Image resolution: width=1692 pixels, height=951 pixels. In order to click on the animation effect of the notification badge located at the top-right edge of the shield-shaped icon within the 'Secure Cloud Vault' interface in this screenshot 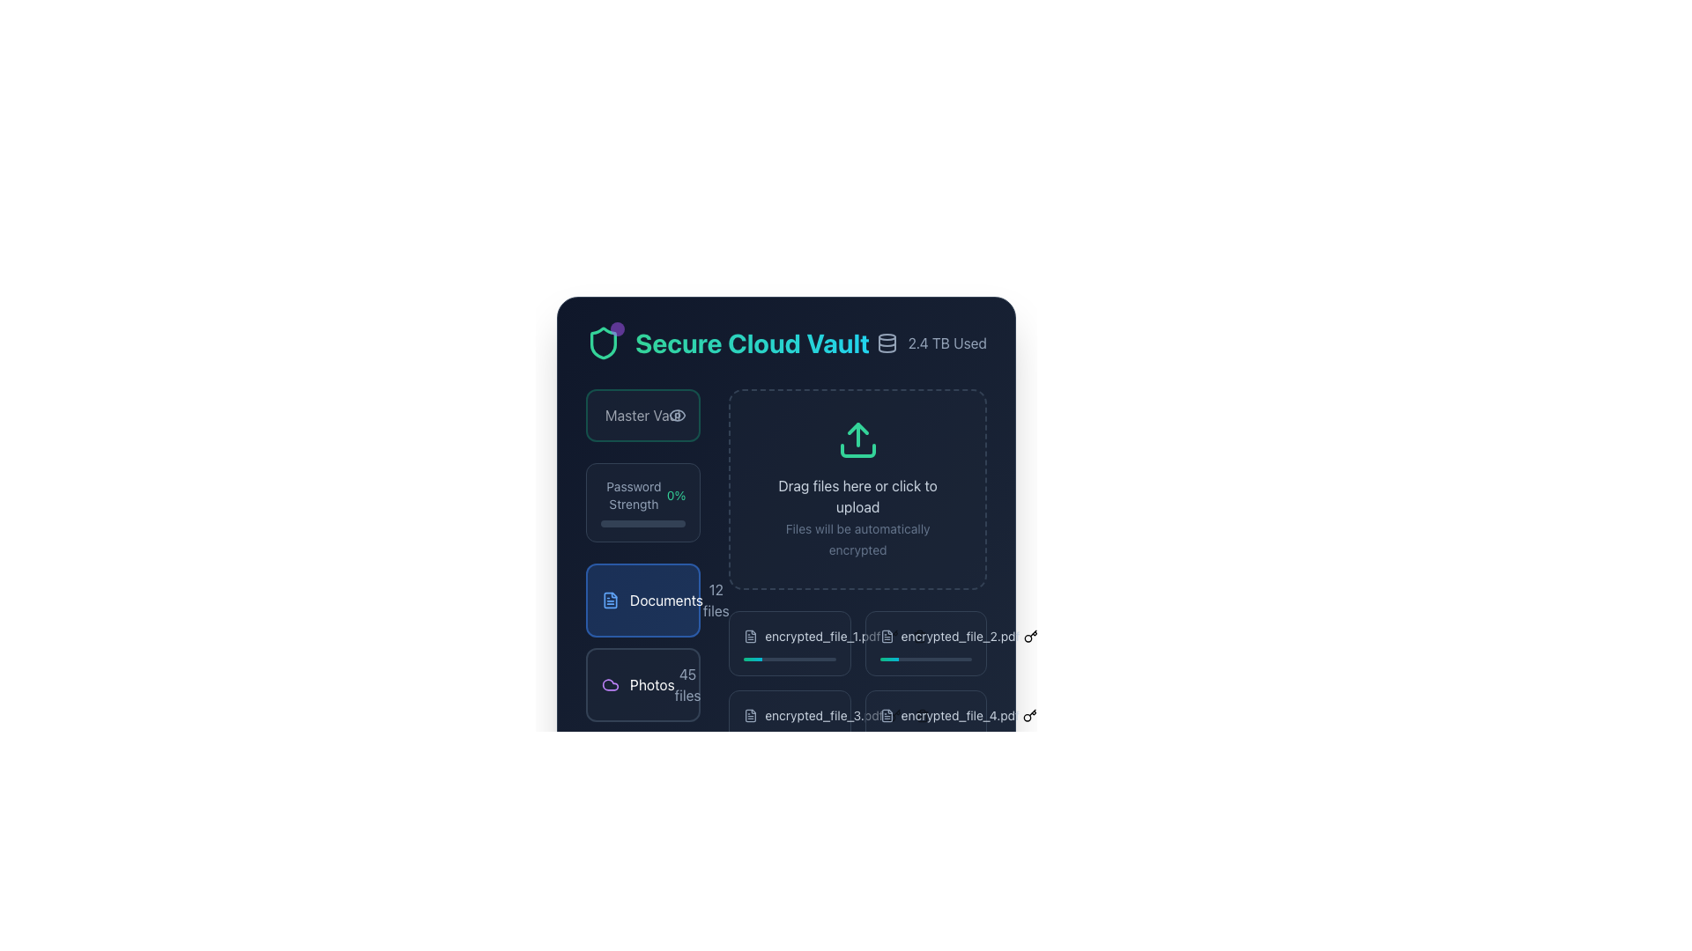, I will do `click(617, 329)`.